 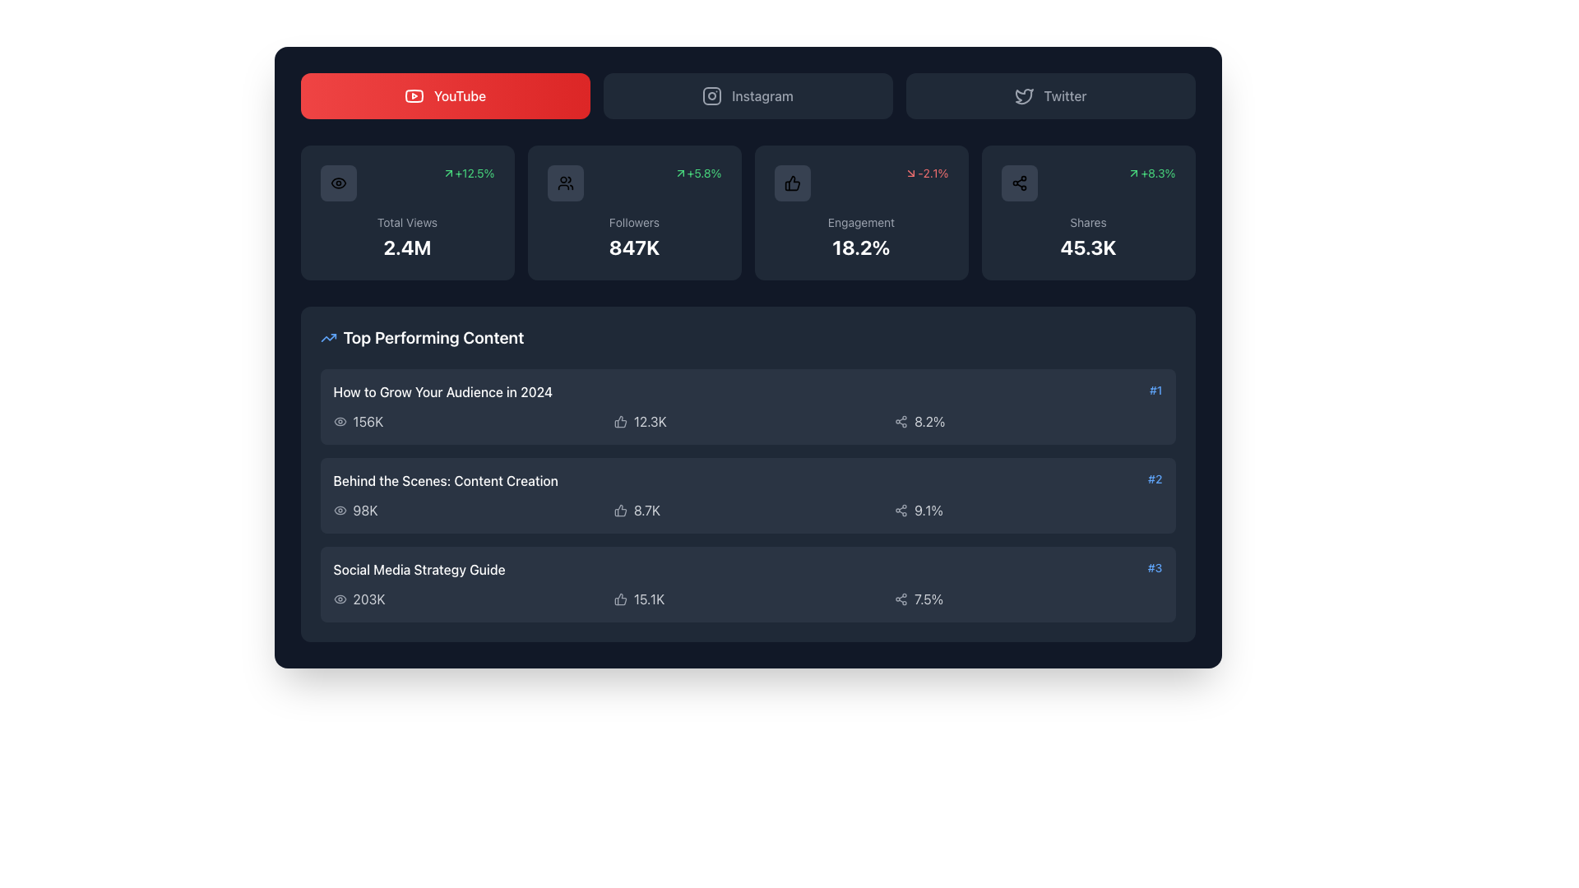 What do you see at coordinates (747, 599) in the screenshot?
I see `the A data row displaying stats and icons for more details, if interactivity was enabled` at bounding box center [747, 599].